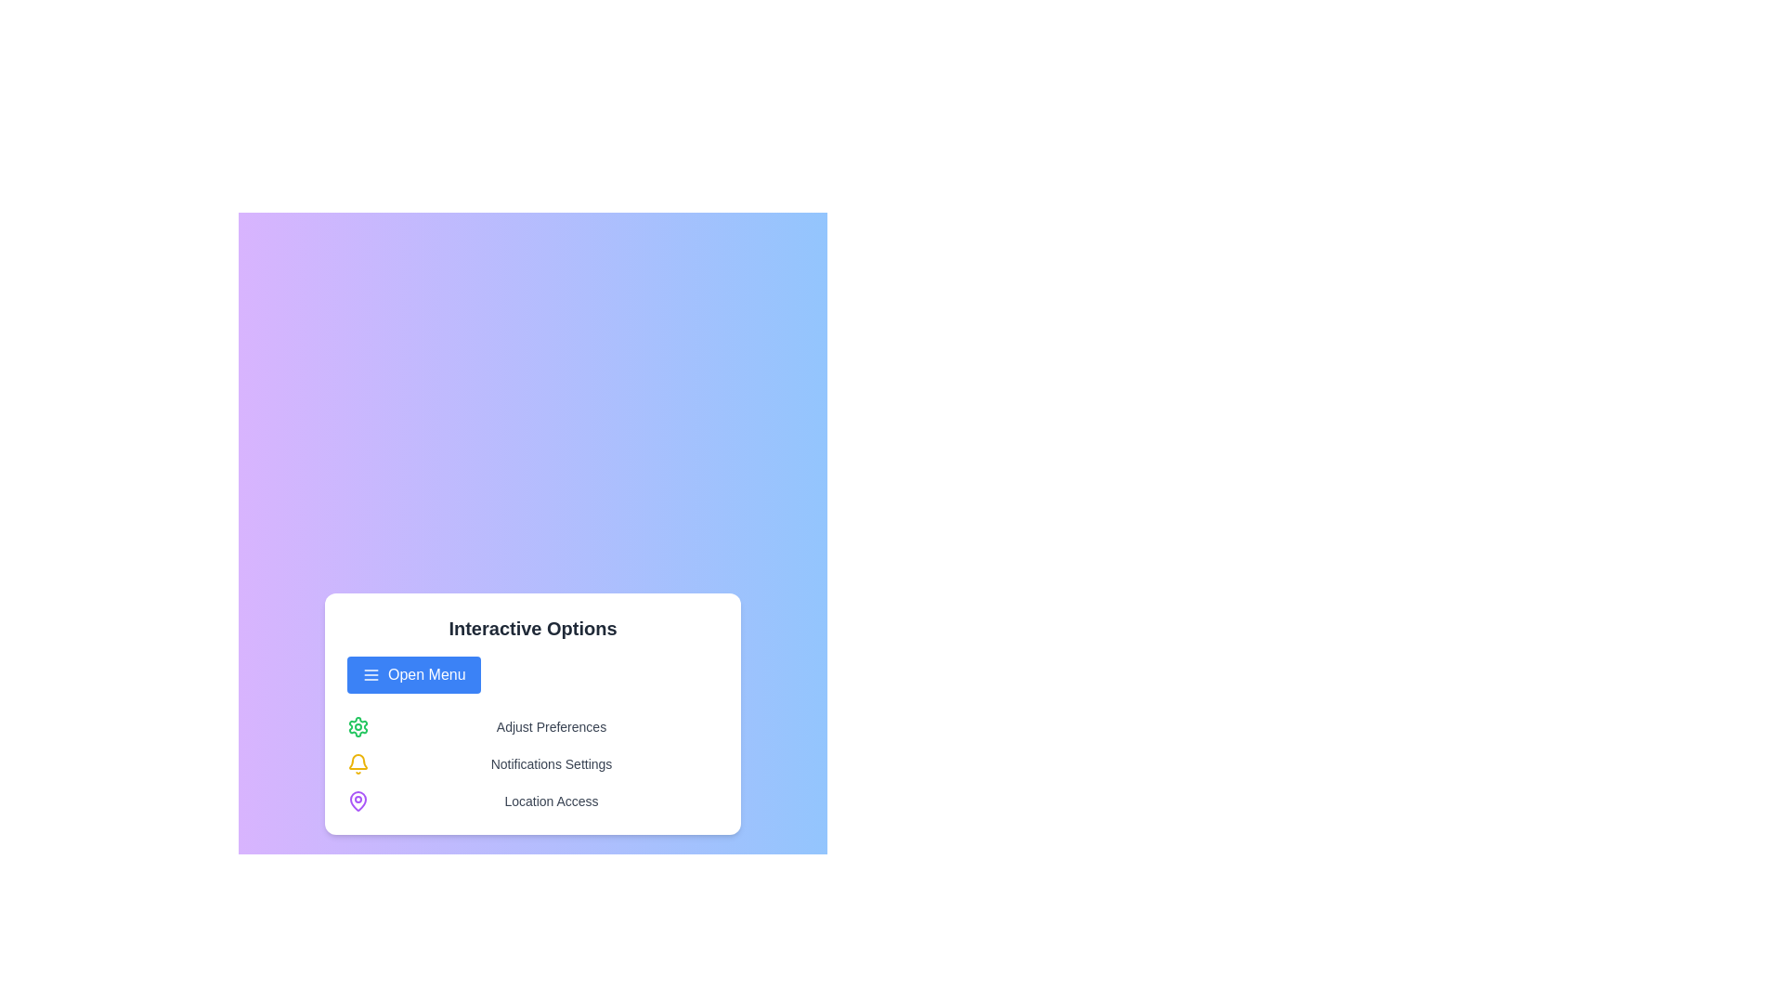 The width and height of the screenshot is (1783, 1003). I want to click on the top portion of the bell icon, which is the second icon in the vertical list, used for notifications or alerts, so click(358, 762).